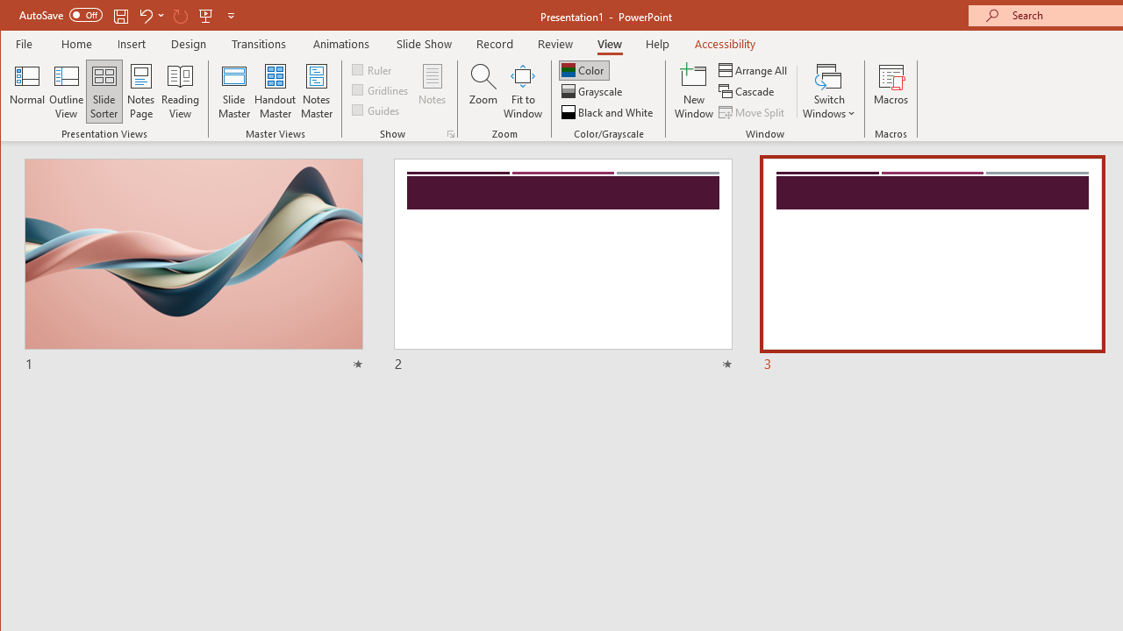 The image size is (1123, 631). Describe the element at coordinates (891, 91) in the screenshot. I see `'Macros'` at that location.